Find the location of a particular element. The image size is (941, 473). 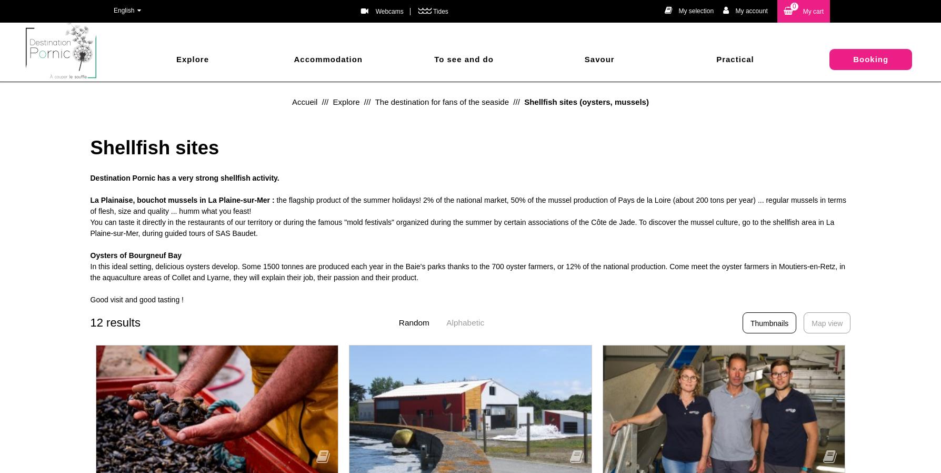

'Alphabetic' is located at coordinates (464, 322).